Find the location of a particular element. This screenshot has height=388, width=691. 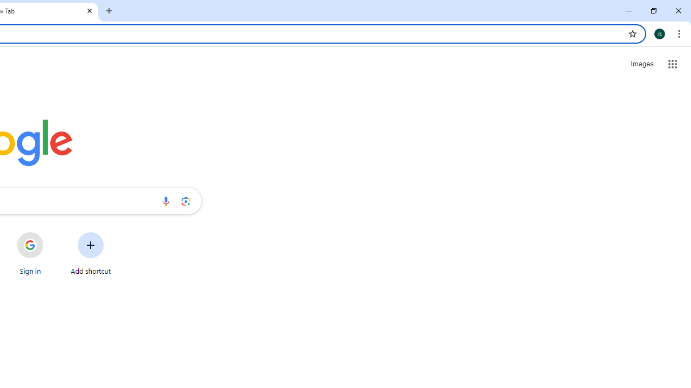

'Google apps' is located at coordinates (672, 64).